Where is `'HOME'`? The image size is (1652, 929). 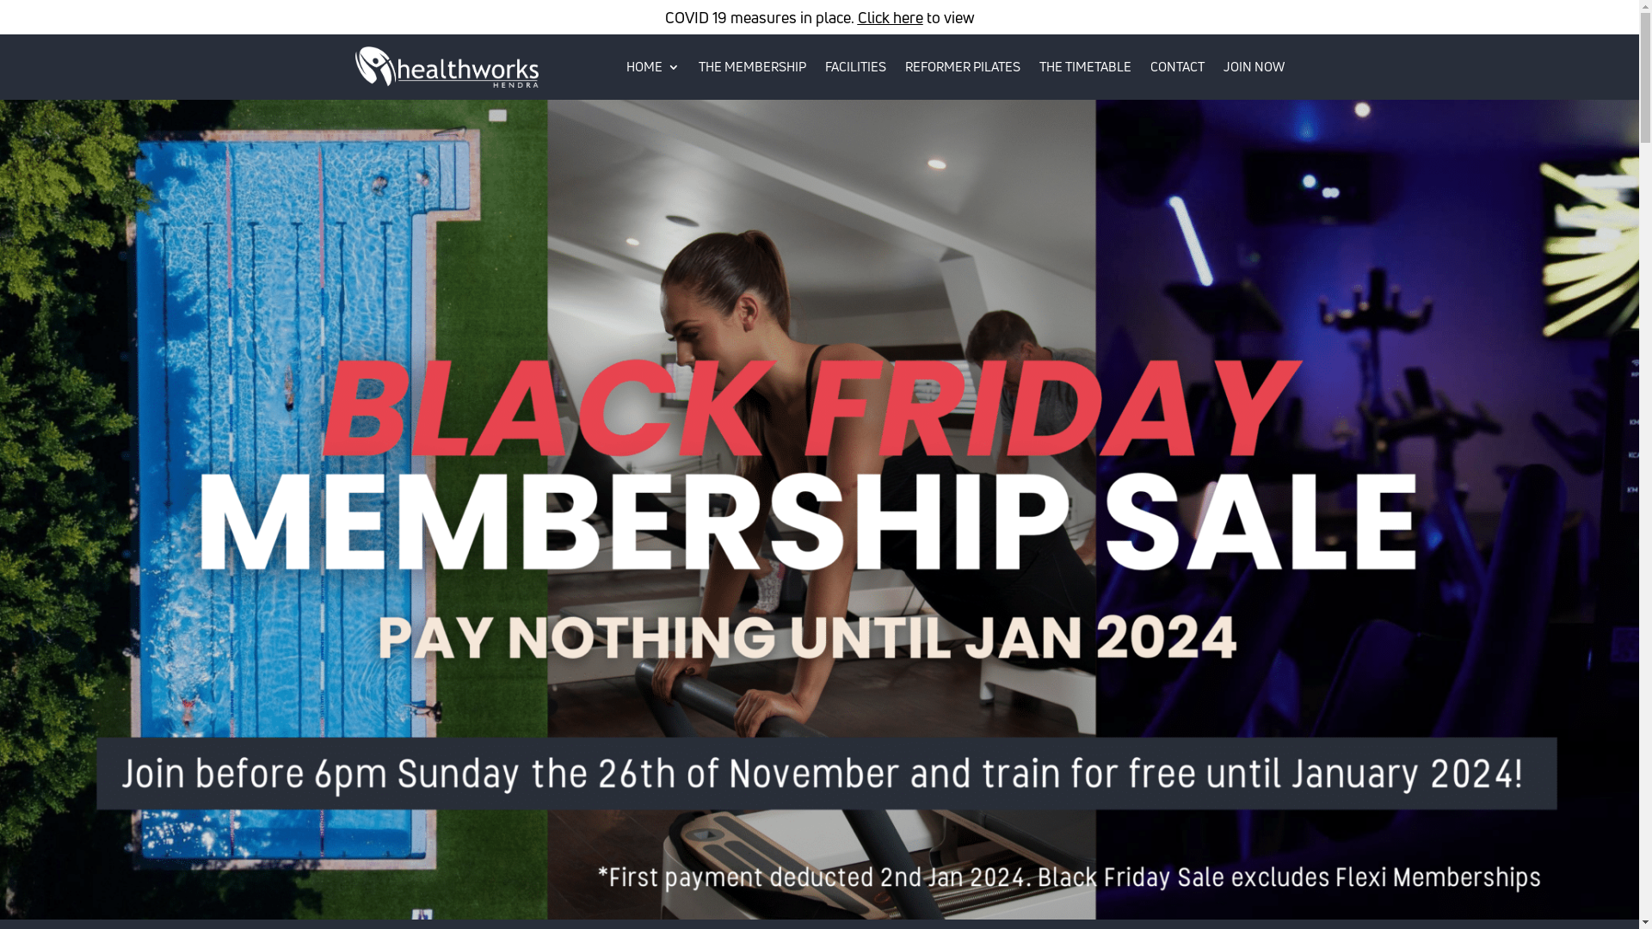
'HOME' is located at coordinates (651, 65).